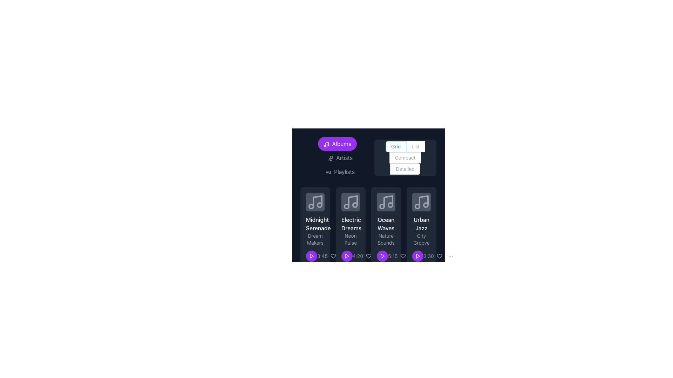 The height and width of the screenshot is (378, 673). I want to click on the static text label displaying 'Neon Pulse', which is styled in a small, gray font and is located below the title 'Electric Dreams' in the second album card, so click(351, 239).